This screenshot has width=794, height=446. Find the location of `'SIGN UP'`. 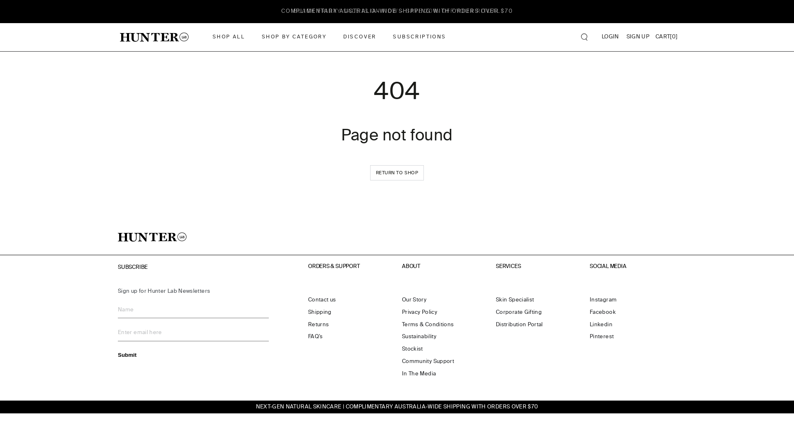

'SIGN UP' is located at coordinates (637, 36).